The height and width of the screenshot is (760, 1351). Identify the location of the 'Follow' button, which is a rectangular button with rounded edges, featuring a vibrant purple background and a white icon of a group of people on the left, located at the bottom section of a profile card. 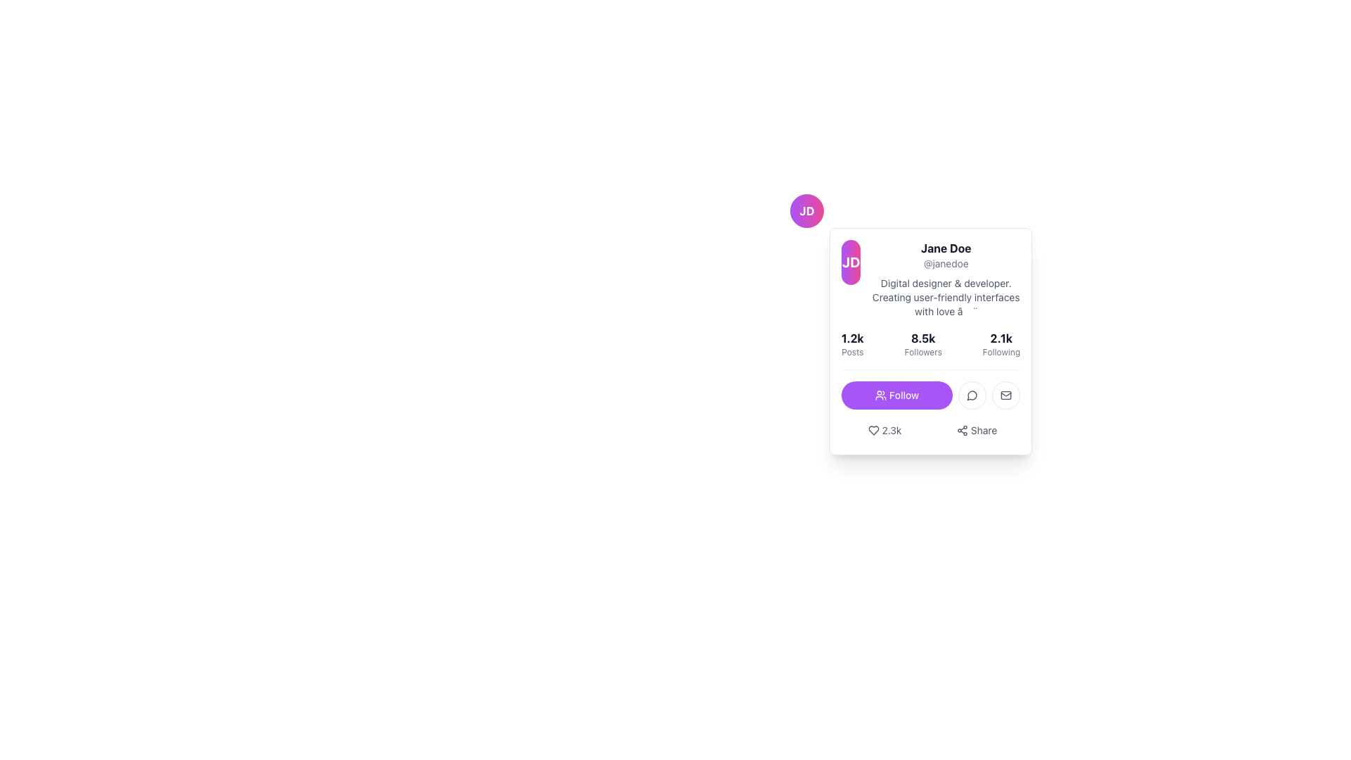
(896, 395).